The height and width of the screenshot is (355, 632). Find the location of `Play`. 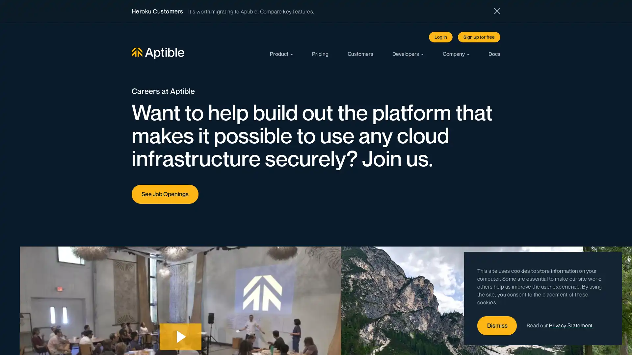

Play is located at coordinates (180, 336).